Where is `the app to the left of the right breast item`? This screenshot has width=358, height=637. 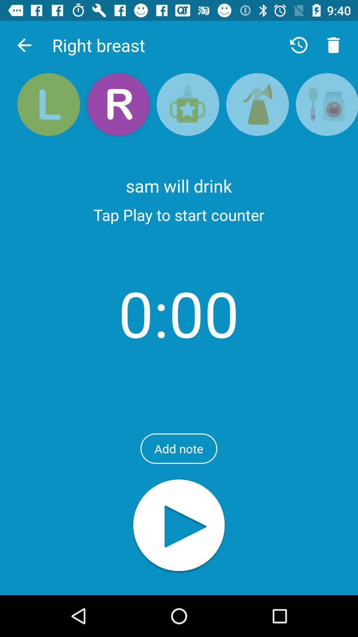
the app to the left of the right breast item is located at coordinates (24, 45).